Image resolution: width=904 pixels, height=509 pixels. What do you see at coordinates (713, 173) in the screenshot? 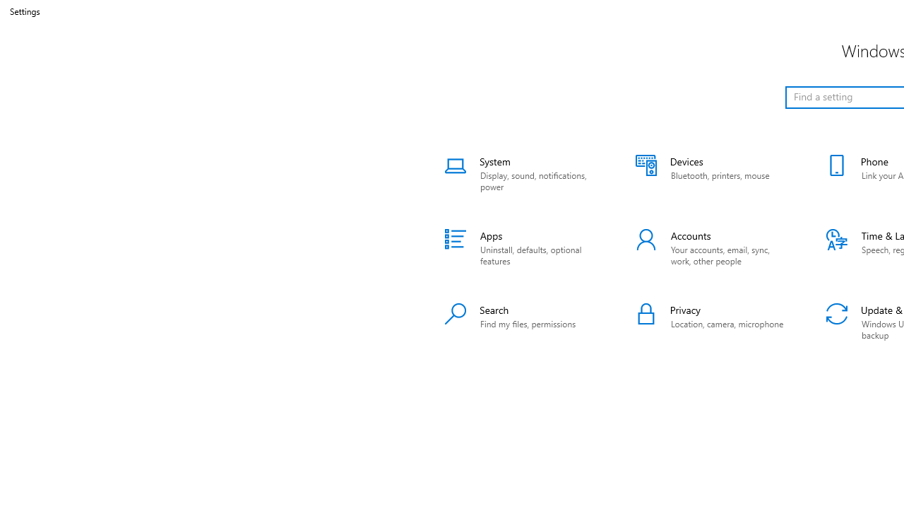
I see `'Devices'` at bounding box center [713, 173].